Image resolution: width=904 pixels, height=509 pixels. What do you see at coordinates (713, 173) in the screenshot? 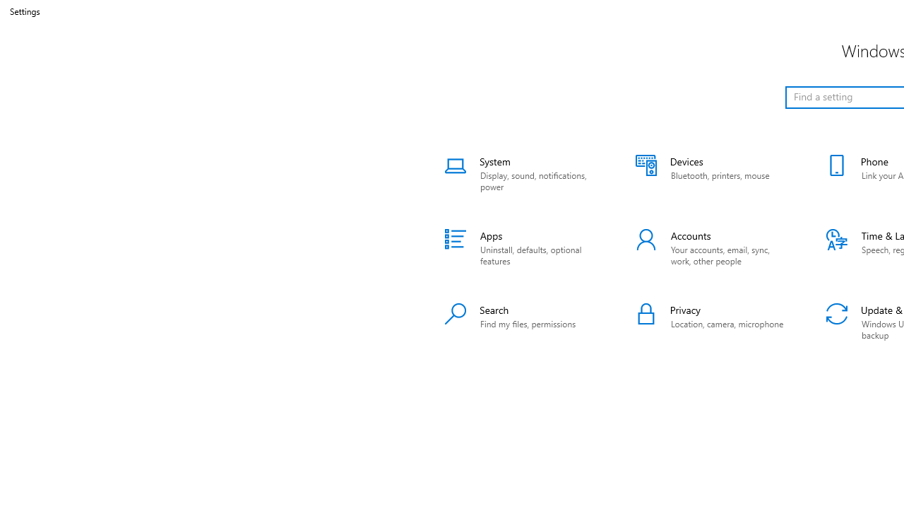
I see `'Devices'` at bounding box center [713, 173].